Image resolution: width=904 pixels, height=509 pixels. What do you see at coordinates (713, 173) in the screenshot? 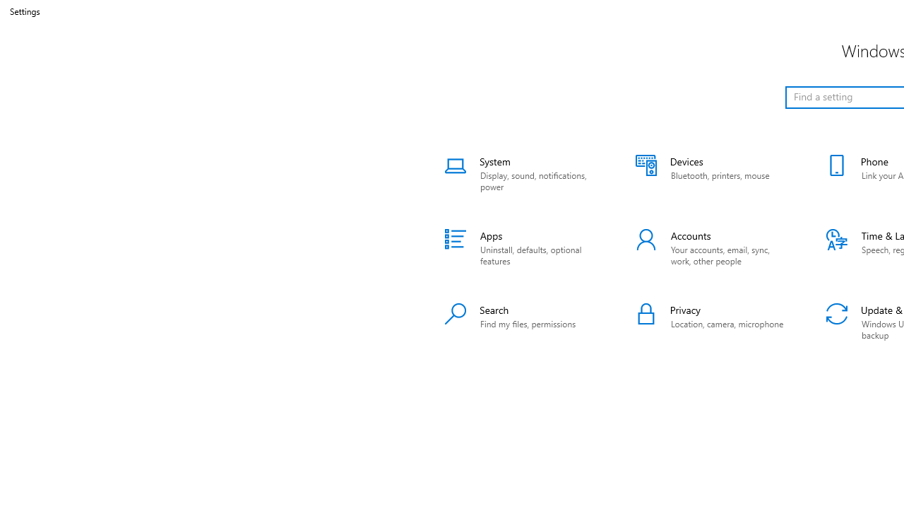
I see `'Devices'` at bounding box center [713, 173].